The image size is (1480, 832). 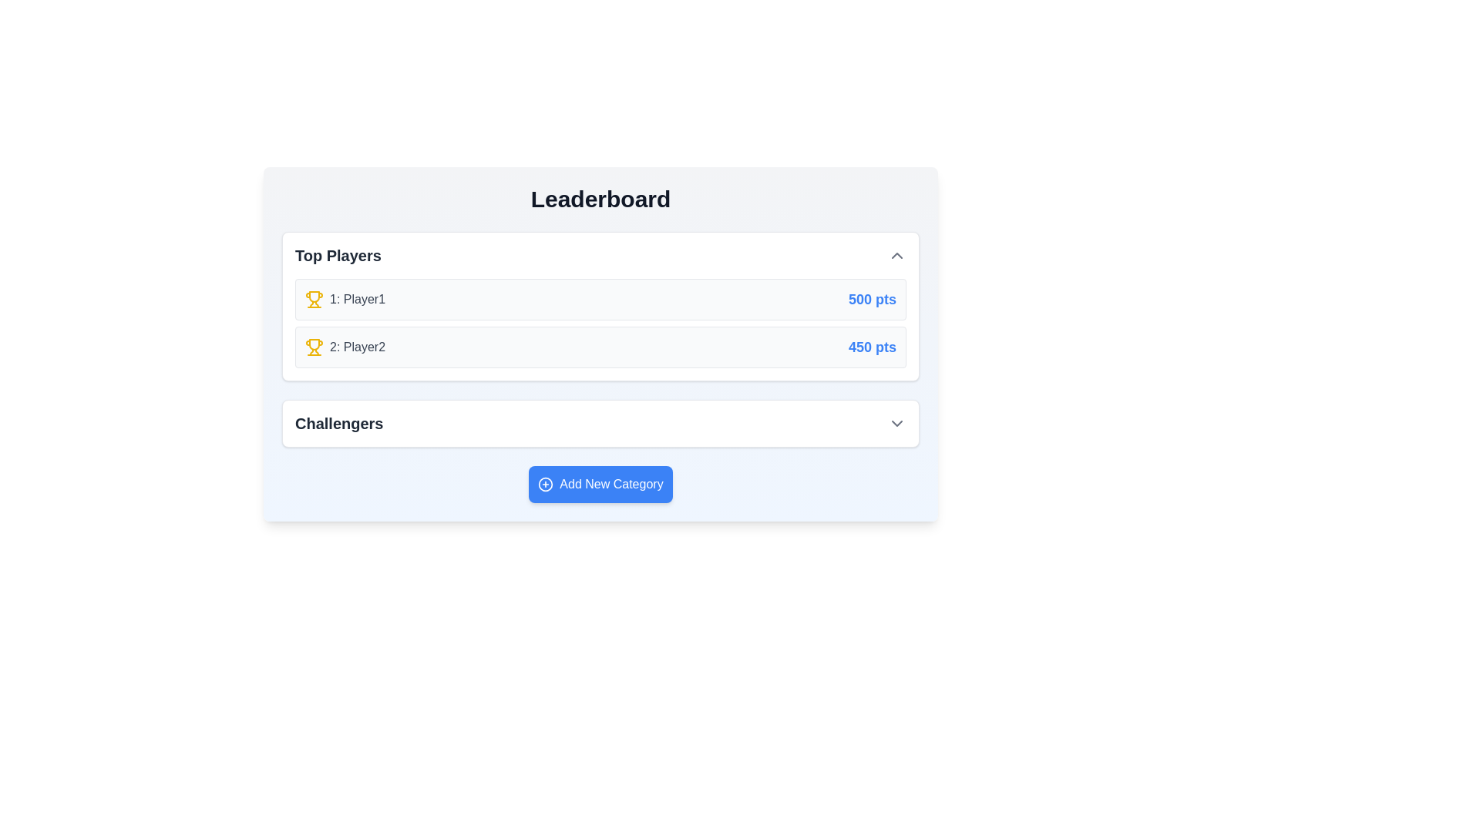 I want to click on the graphical icon representing the action to add a new item or category, located to the left of the 'Add New Category' button at the lower portion of the interface, so click(x=546, y=483).